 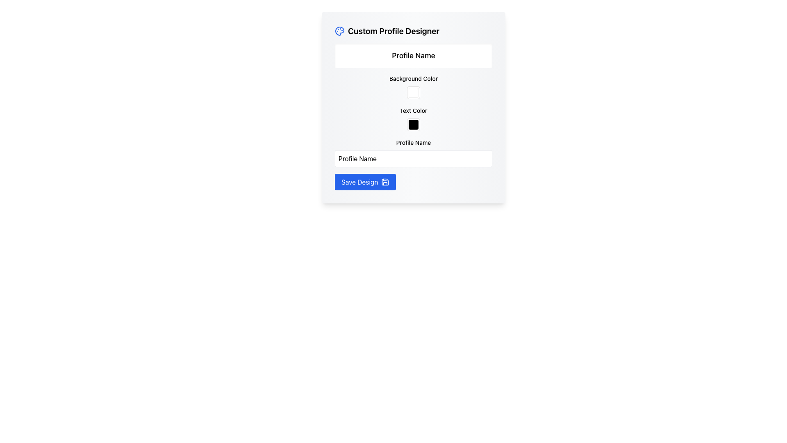 I want to click on the 'Profile Name' text label, which is displayed in bold black font and positioned above an input field in the bottom-middle section of the form, so click(x=413, y=142).